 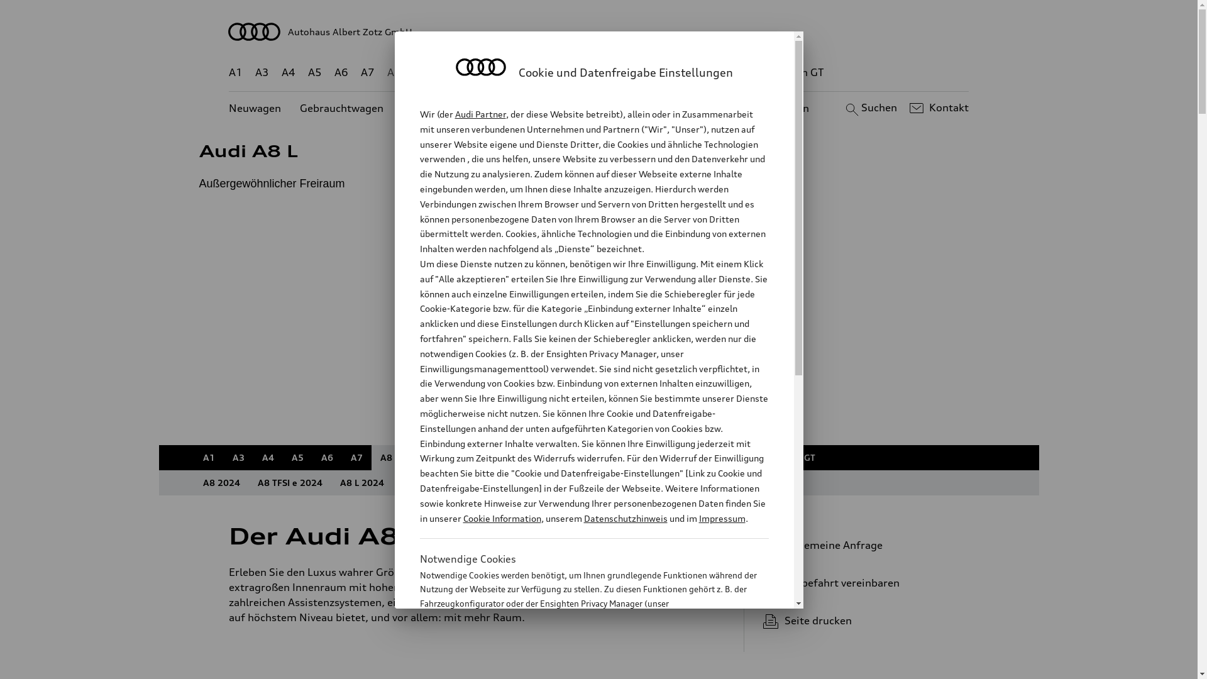 I want to click on 'Q5', so click(x=535, y=72).